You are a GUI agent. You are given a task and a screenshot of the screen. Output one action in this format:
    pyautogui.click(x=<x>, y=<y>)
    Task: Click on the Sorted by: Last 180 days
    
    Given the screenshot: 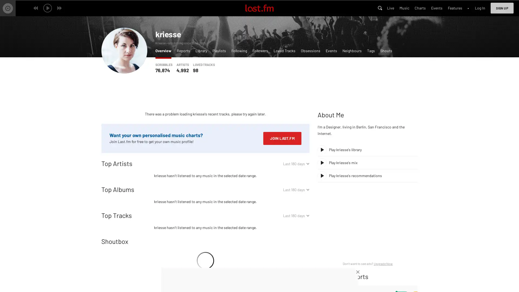 What is the action you would take?
    pyautogui.click(x=296, y=163)
    